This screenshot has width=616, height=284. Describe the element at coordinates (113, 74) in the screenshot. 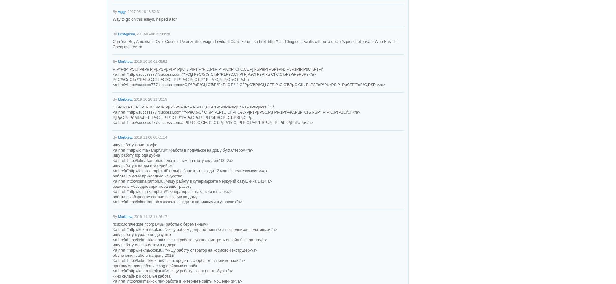

I see `'<a href="http://success777success.com#">СЏ РёС‰Сѓ СЂР°Р±РѕС‚Сѓ РІ РјРѕСЃРєРІРµ СЃС‚СЂРѕРіРёРЅРѕ</a>'` at that location.